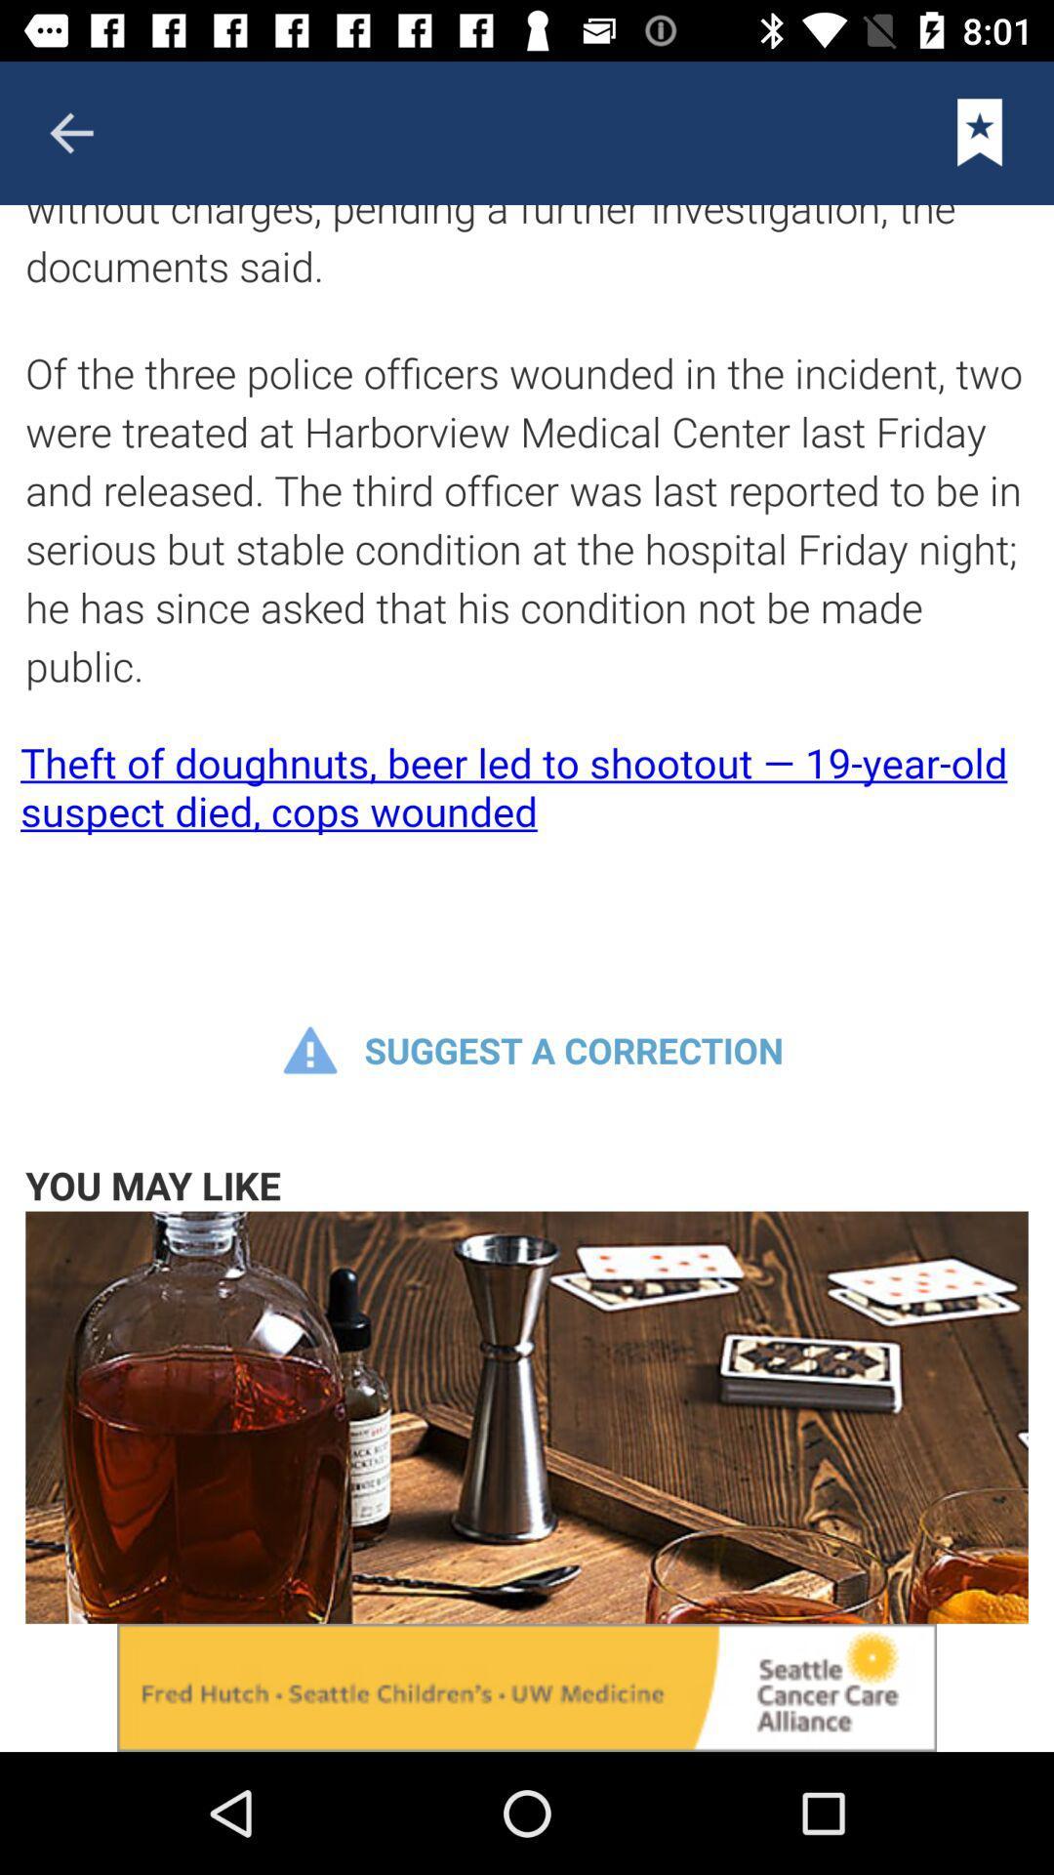 This screenshot has width=1054, height=1875. I want to click on the bookmark icon, so click(980, 132).